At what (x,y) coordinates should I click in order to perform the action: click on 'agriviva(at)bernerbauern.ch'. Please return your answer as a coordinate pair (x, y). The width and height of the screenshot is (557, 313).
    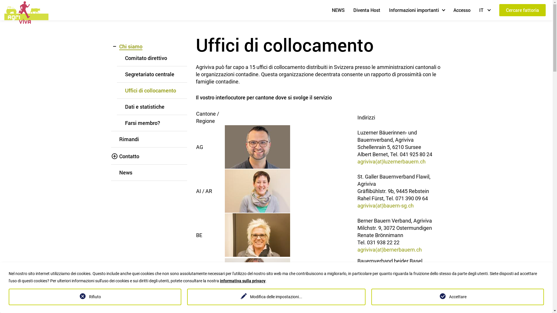
    Looking at the image, I should click on (390, 249).